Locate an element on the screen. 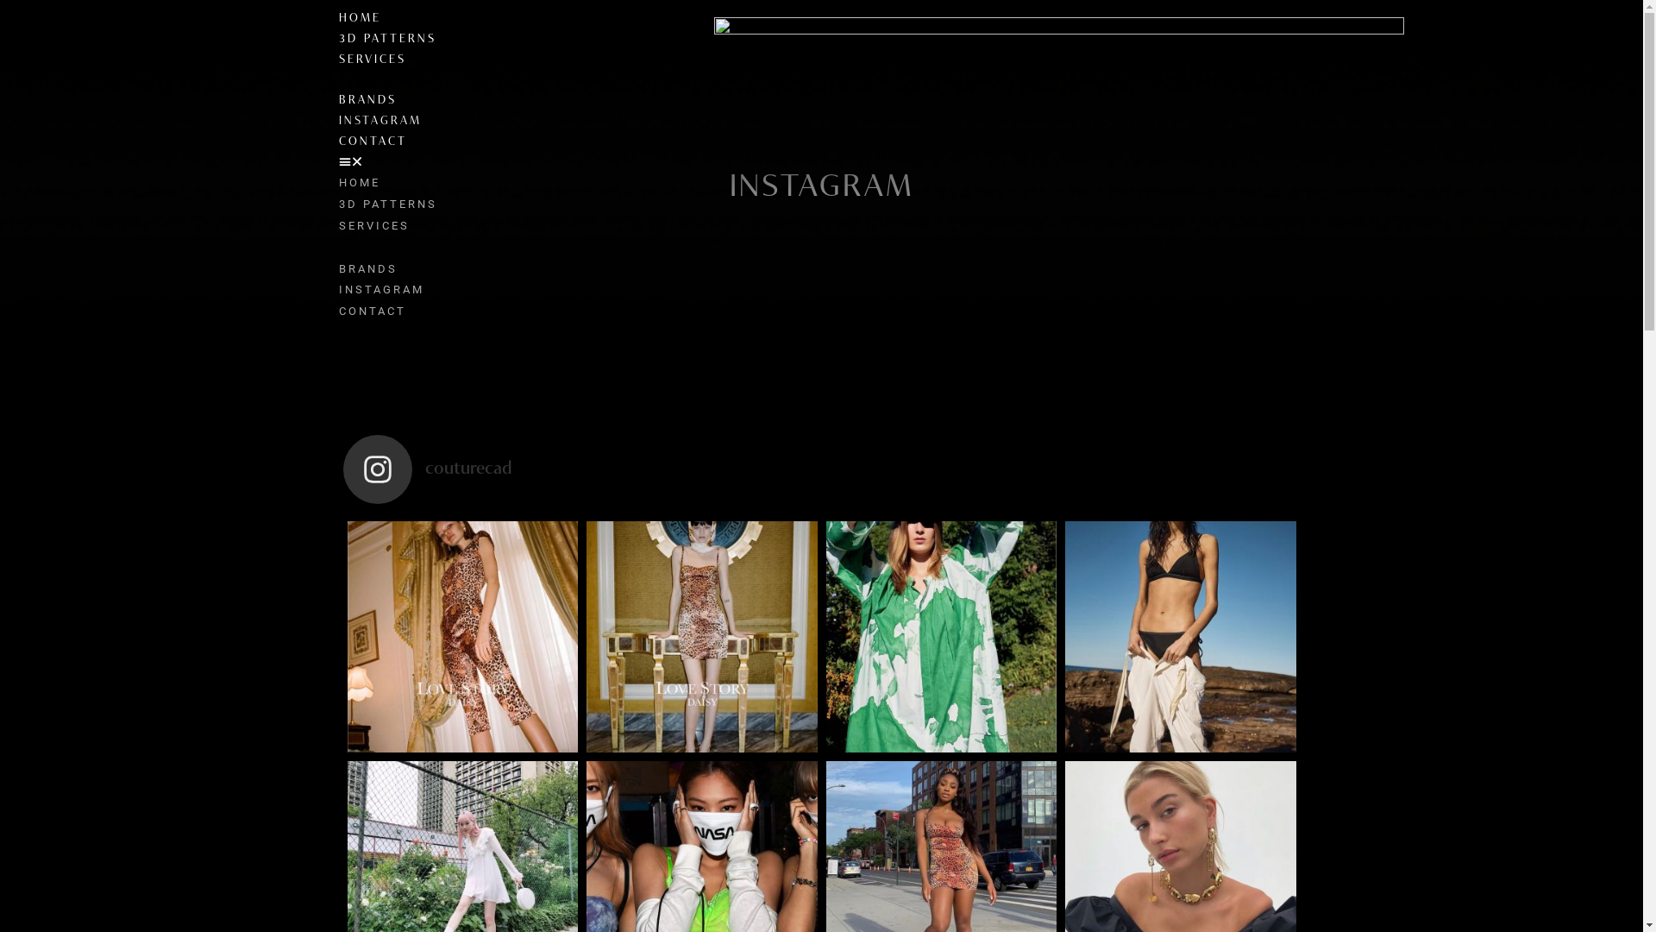 The width and height of the screenshot is (1656, 932). 'couturecad' is located at coordinates (821, 469).